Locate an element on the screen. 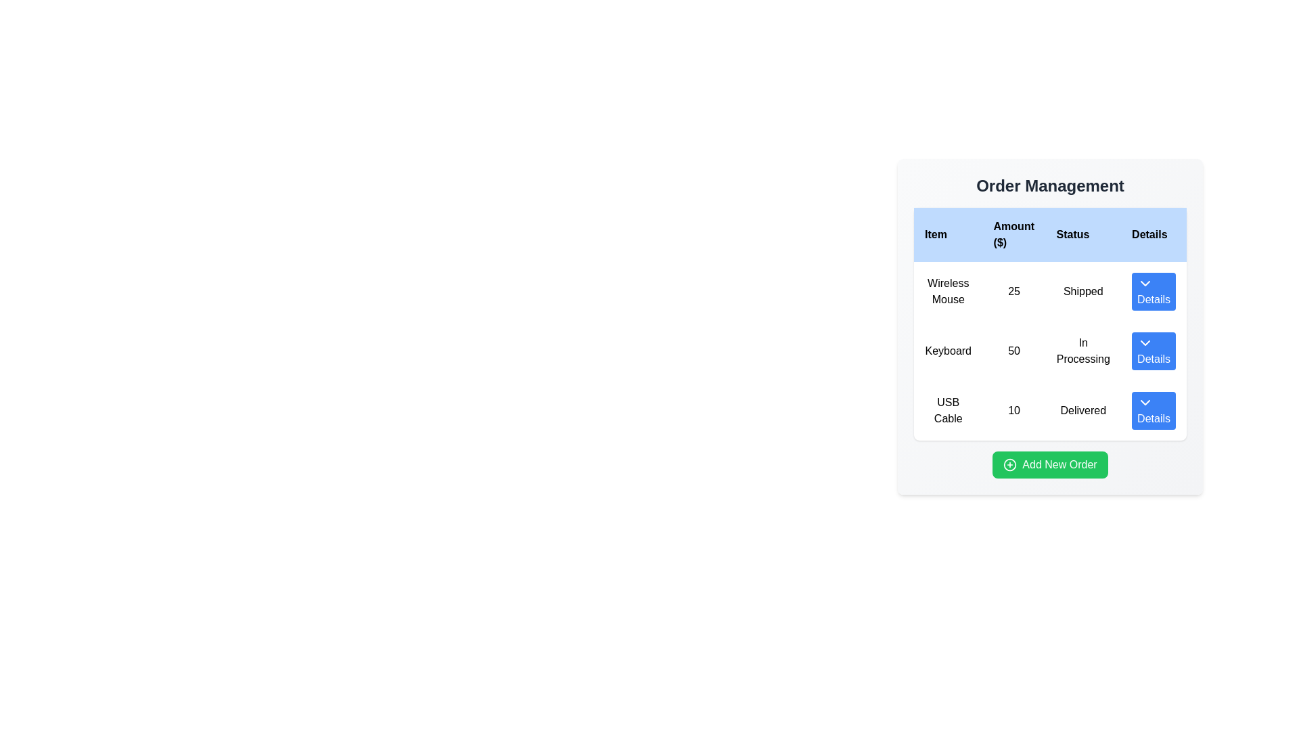 The height and width of the screenshot is (731, 1299). the third 'Details' button is located at coordinates (1152, 409).